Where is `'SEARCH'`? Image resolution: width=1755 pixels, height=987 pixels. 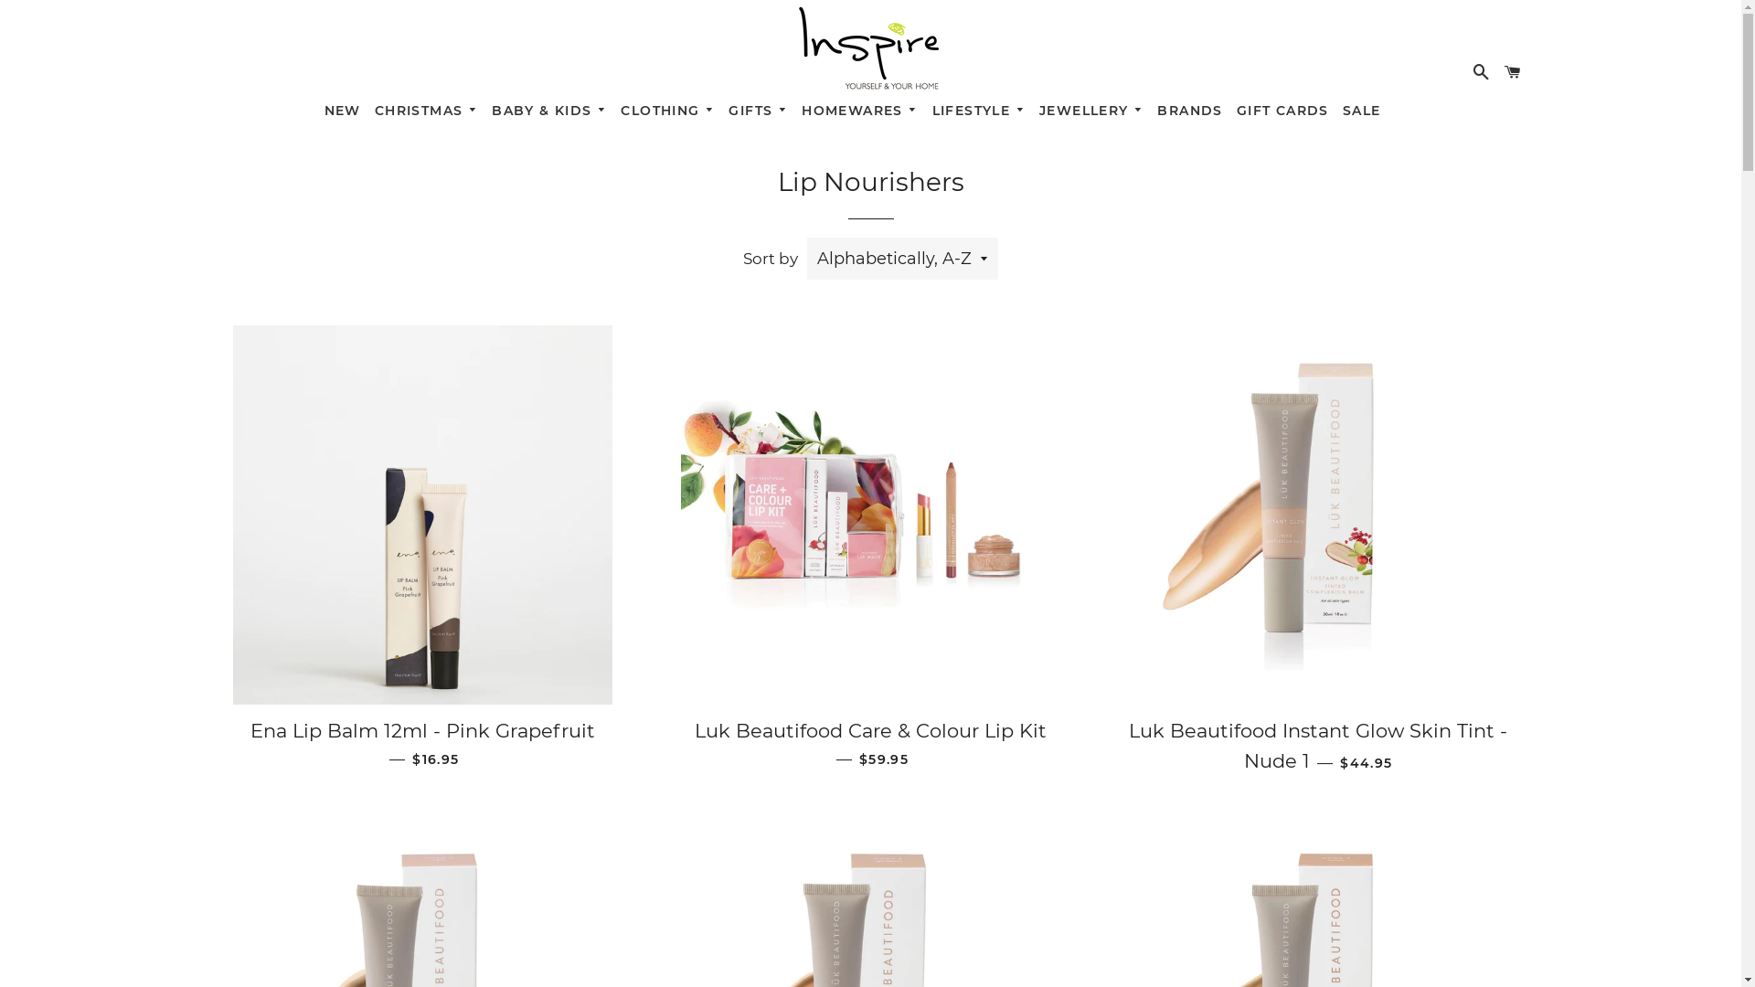 'SEARCH' is located at coordinates (1482, 69).